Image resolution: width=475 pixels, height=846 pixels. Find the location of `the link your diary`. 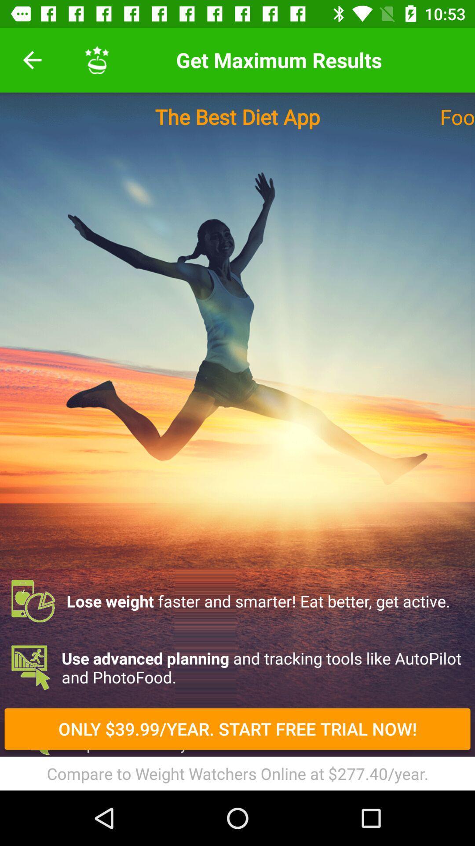

the link your diary is located at coordinates (237, 778).